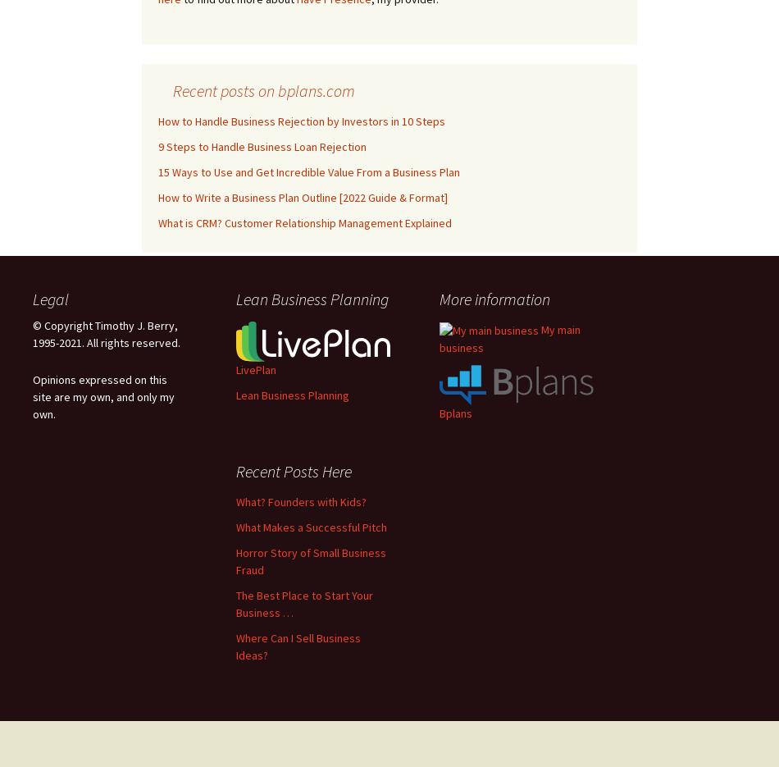  What do you see at coordinates (301, 120) in the screenshot?
I see `'How to Handle Business Rejection by Investors in 10 Steps'` at bounding box center [301, 120].